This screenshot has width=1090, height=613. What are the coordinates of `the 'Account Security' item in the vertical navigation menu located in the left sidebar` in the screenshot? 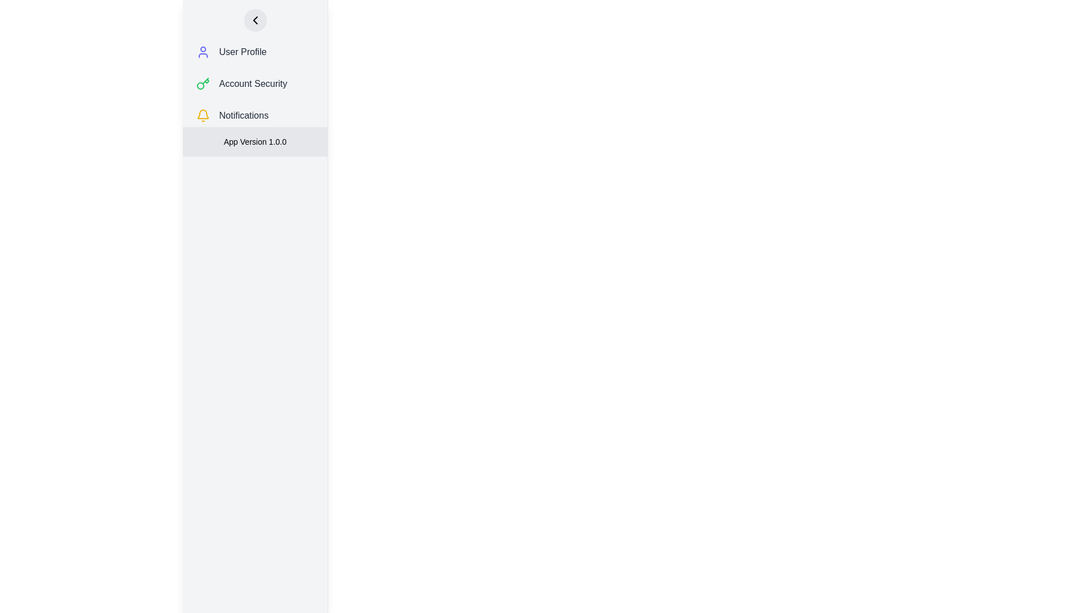 It's located at (254, 83).